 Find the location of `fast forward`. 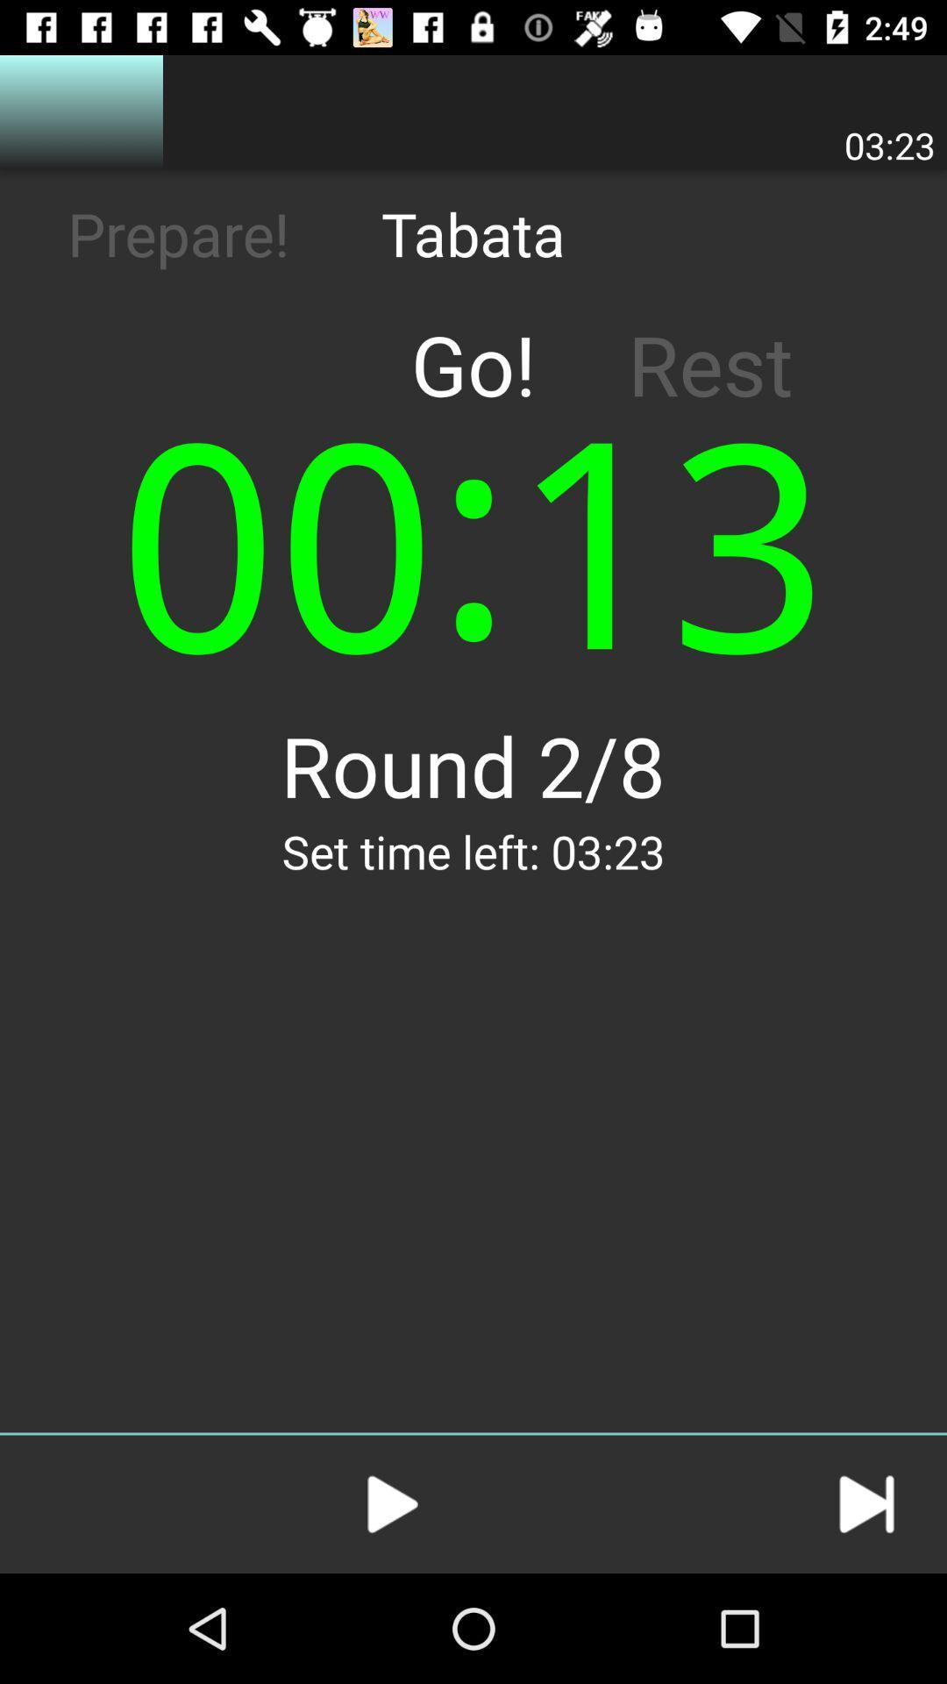

fast forward is located at coordinates (865, 1503).